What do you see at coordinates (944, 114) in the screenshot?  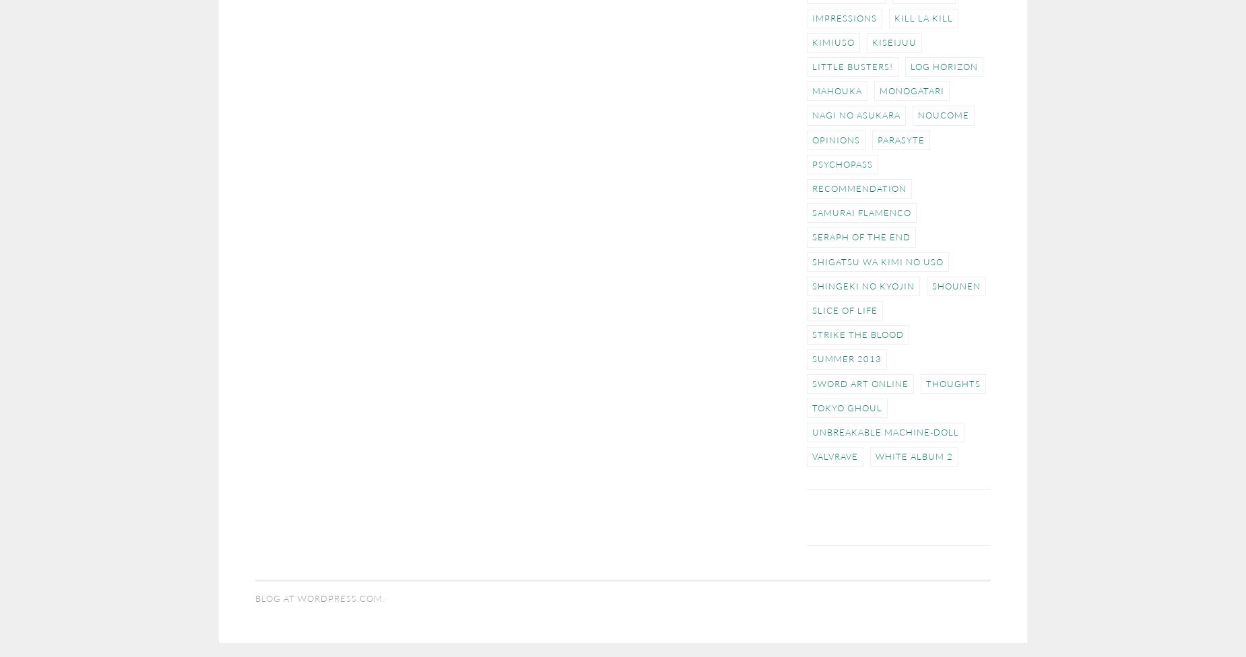 I see `'NouCome'` at bounding box center [944, 114].